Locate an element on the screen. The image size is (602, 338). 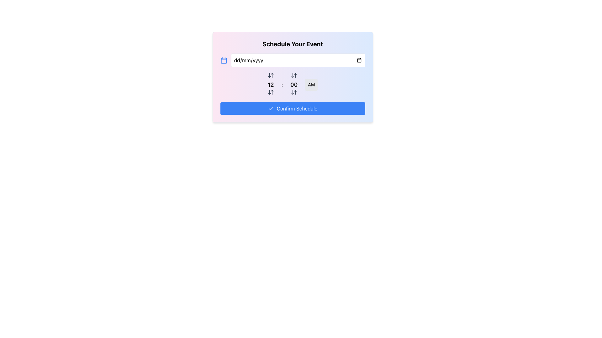
the text label button displaying 'AM' with a light gray background and rounded borders, located to the right of the minute field in the time input section is located at coordinates (311, 84).